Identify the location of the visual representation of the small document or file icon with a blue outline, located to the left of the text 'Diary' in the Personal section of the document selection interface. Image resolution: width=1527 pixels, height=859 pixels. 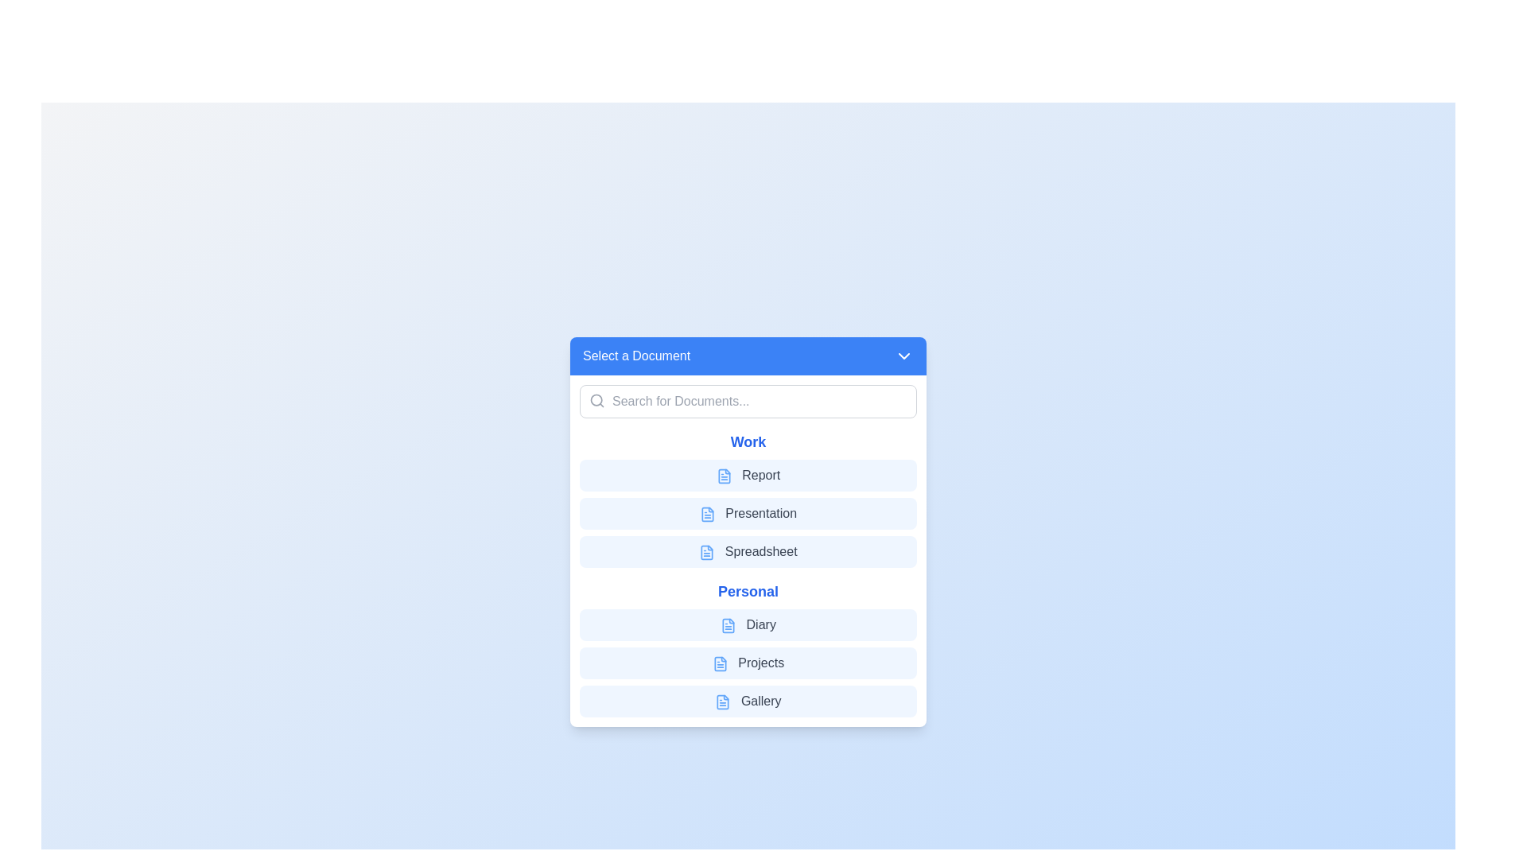
(728, 624).